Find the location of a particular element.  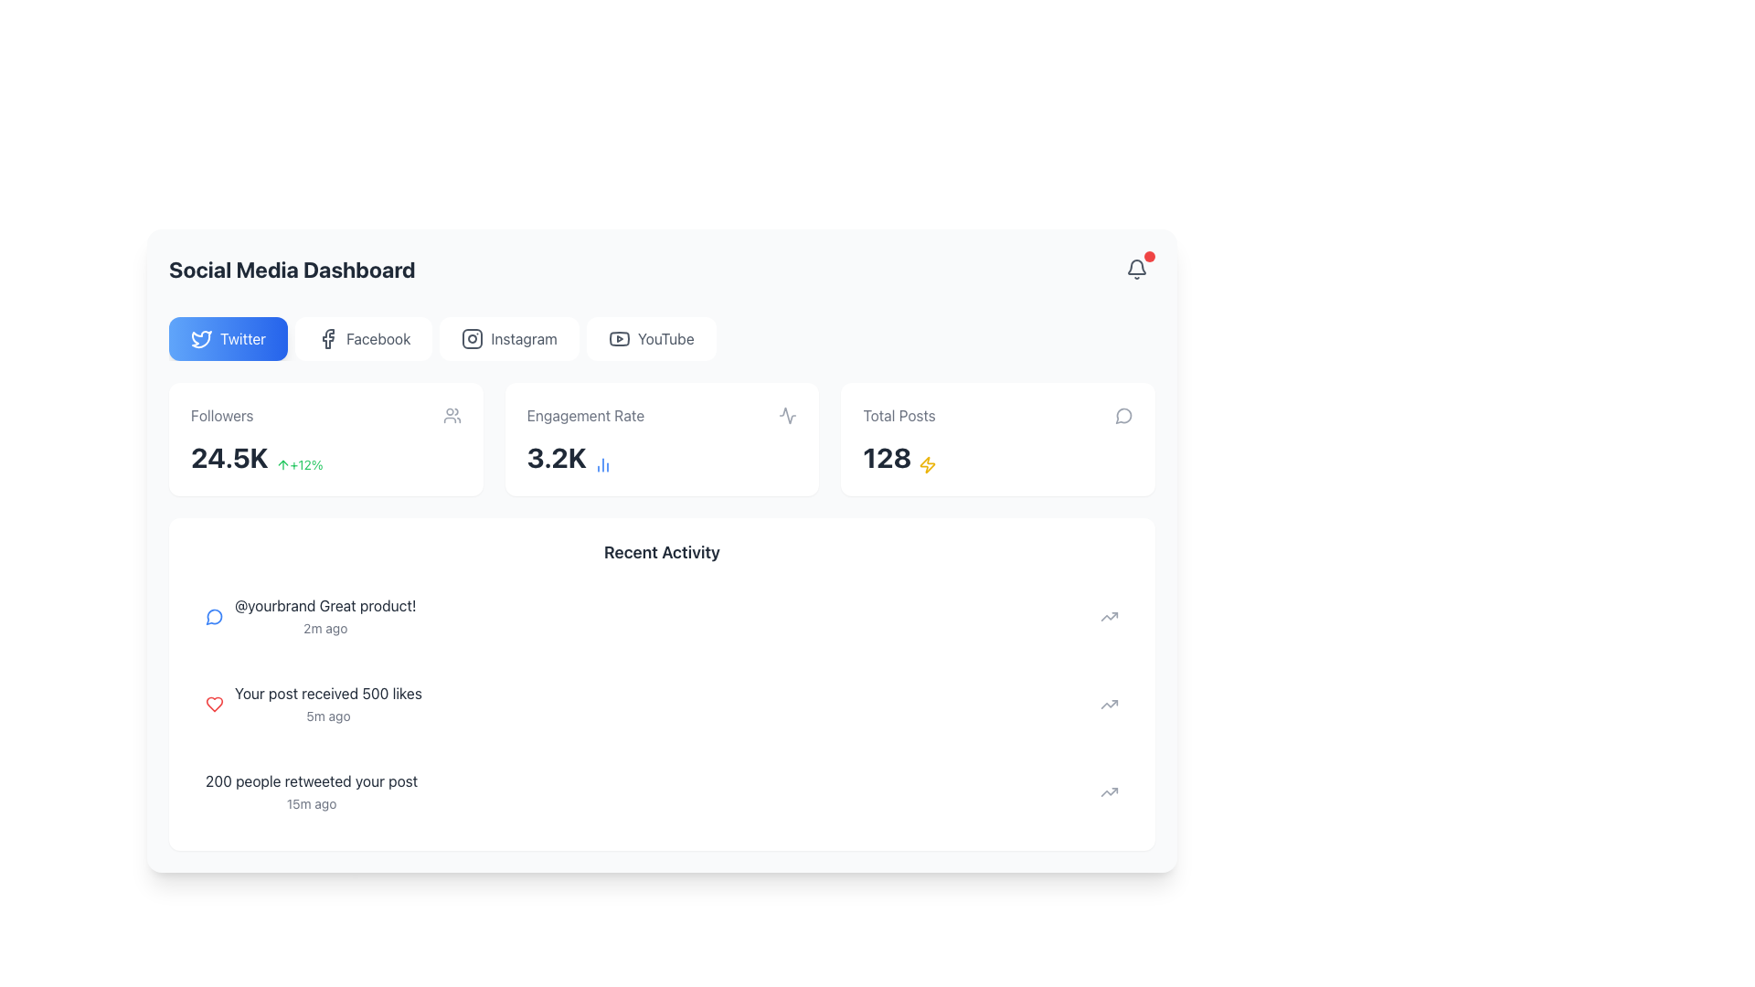

the header text titled 'Recent Activity', which is prominently displayed at the top of the activity section, styled with a bold, large font and dark gray color is located at coordinates (661, 552).